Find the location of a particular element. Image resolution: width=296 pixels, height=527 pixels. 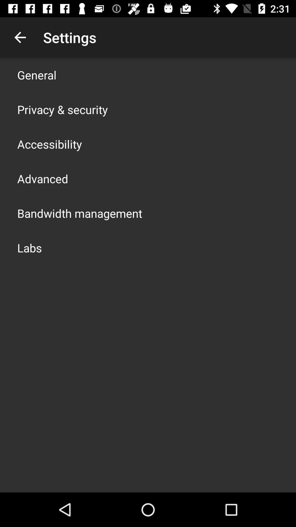

icon above labs is located at coordinates (79, 213).